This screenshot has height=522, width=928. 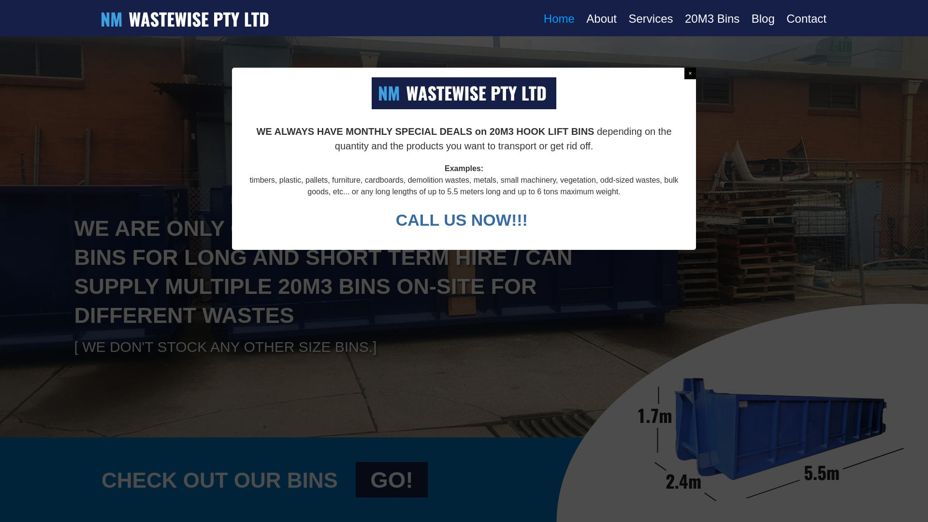 What do you see at coordinates (391, 479) in the screenshot?
I see `'GO!'` at bounding box center [391, 479].